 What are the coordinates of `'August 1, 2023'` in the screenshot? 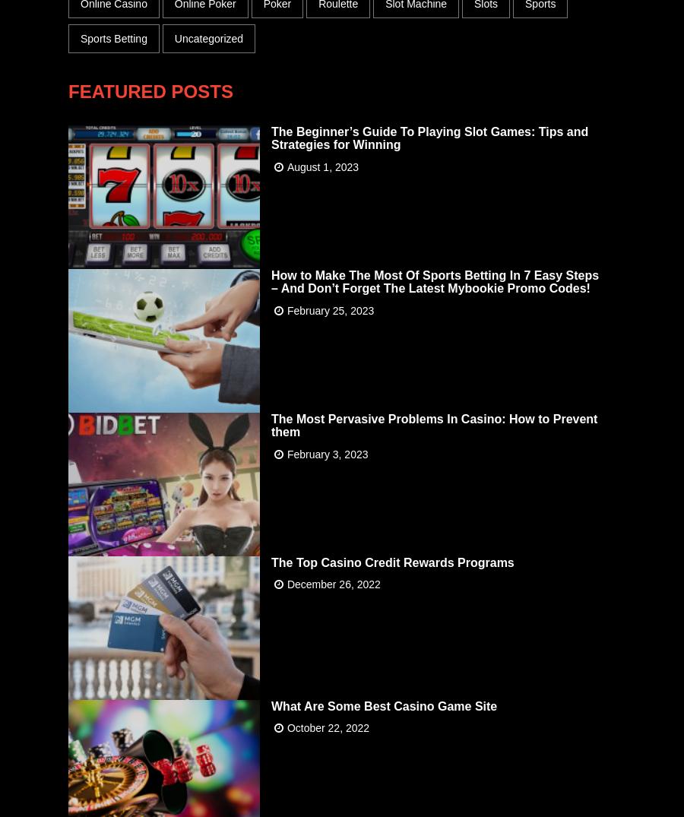 It's located at (322, 165).